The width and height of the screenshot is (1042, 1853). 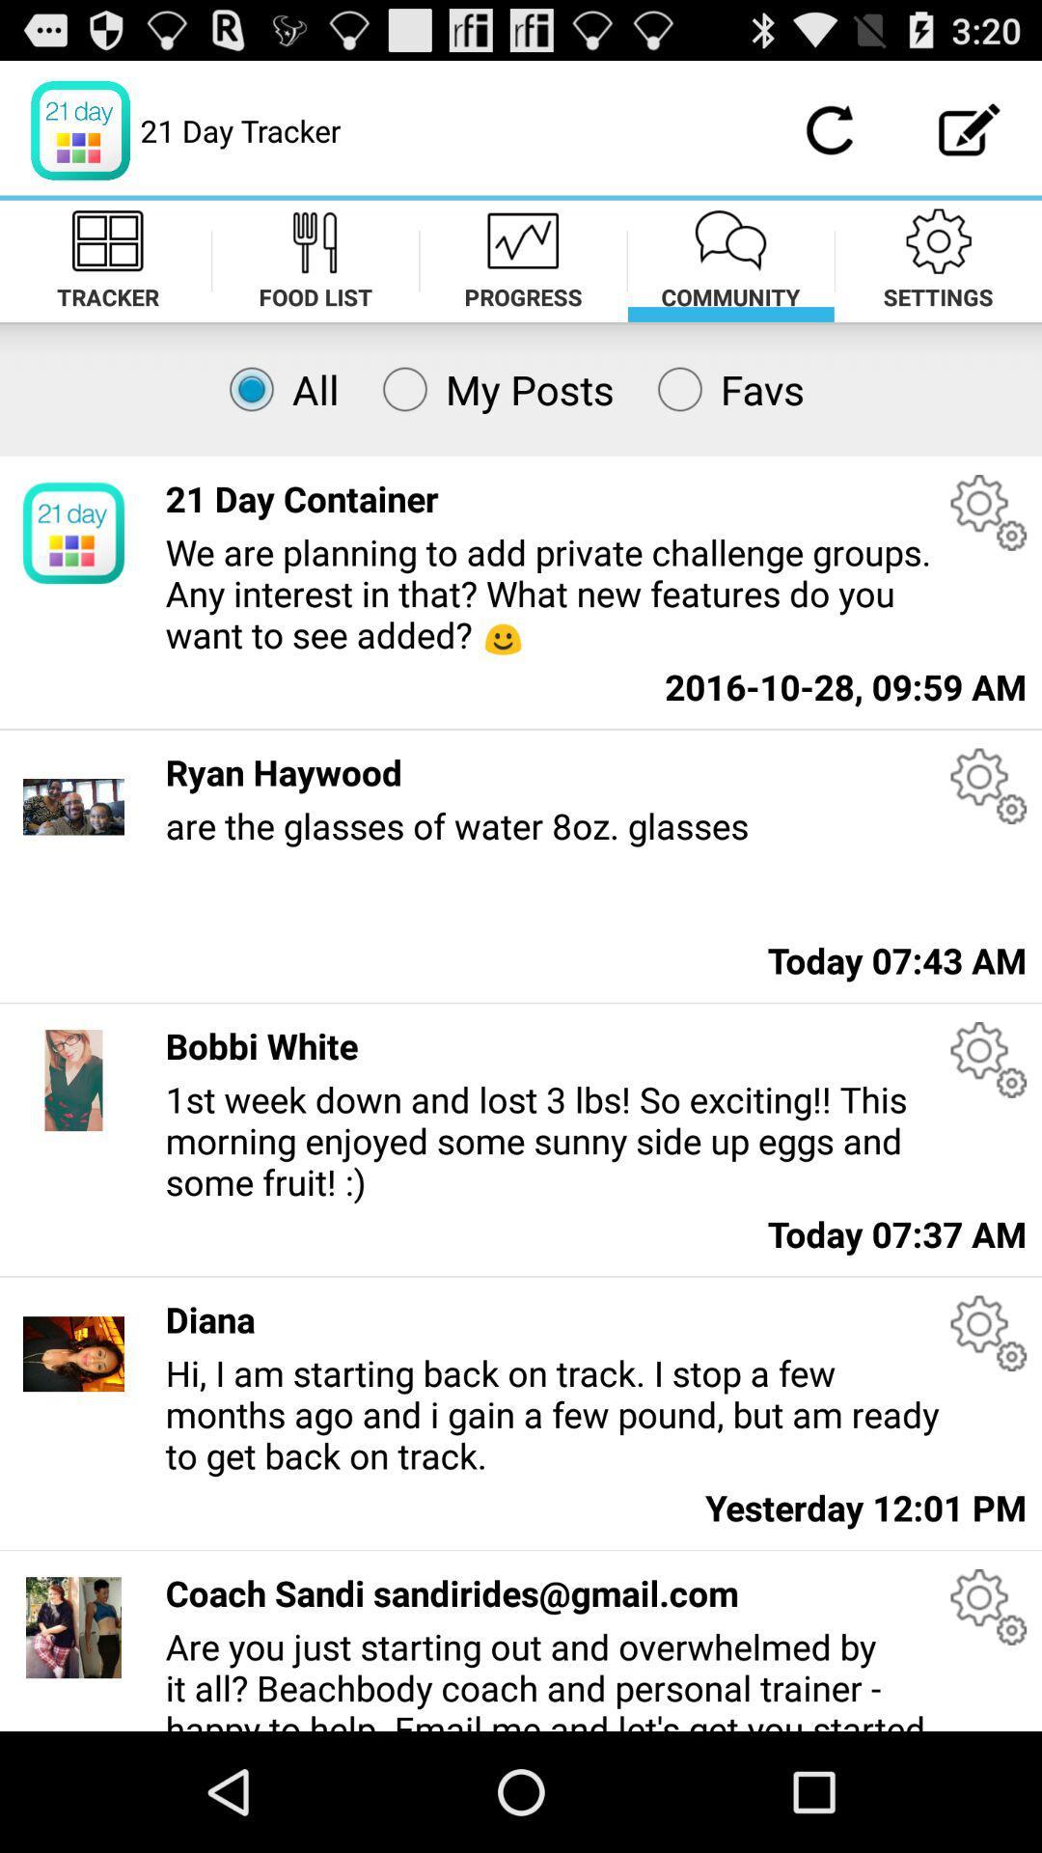 I want to click on settings, so click(x=988, y=786).